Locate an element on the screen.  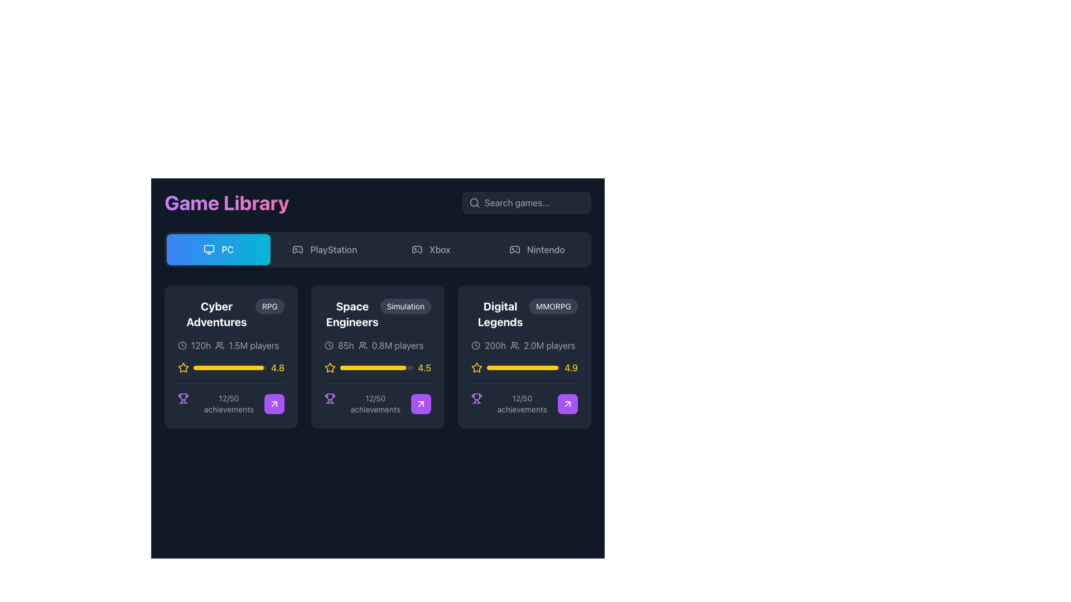
the rating and achievements displayed on the informational card for the game 'Space Engineers', which is the middle card in a three-column layout is located at coordinates (378, 357).